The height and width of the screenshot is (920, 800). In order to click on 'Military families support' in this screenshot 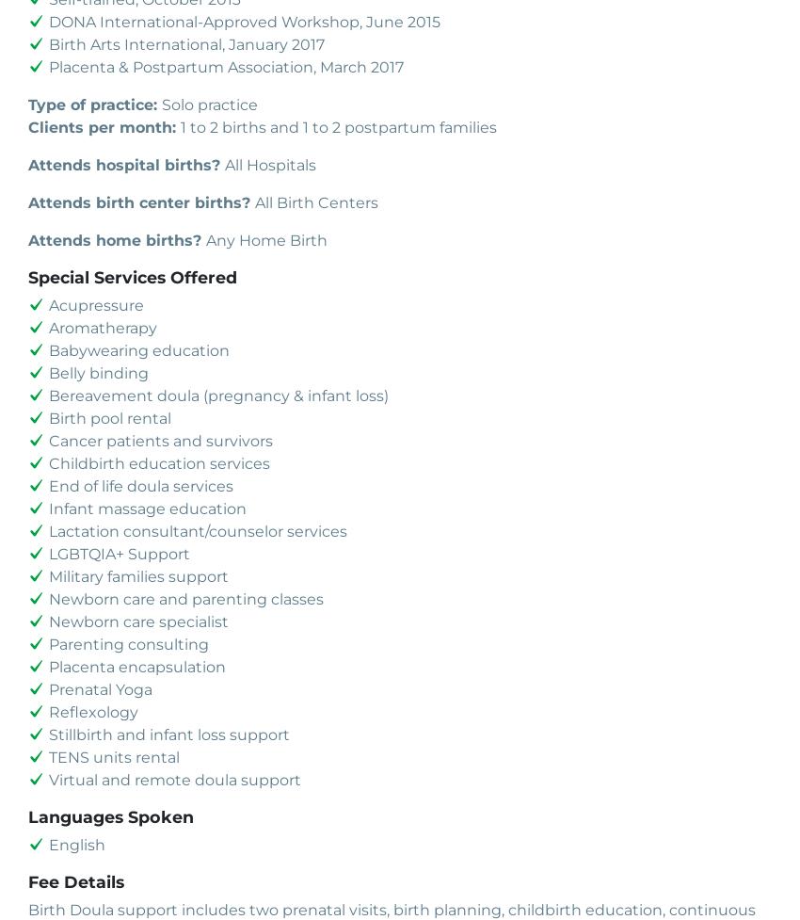, I will do `click(138, 574)`.